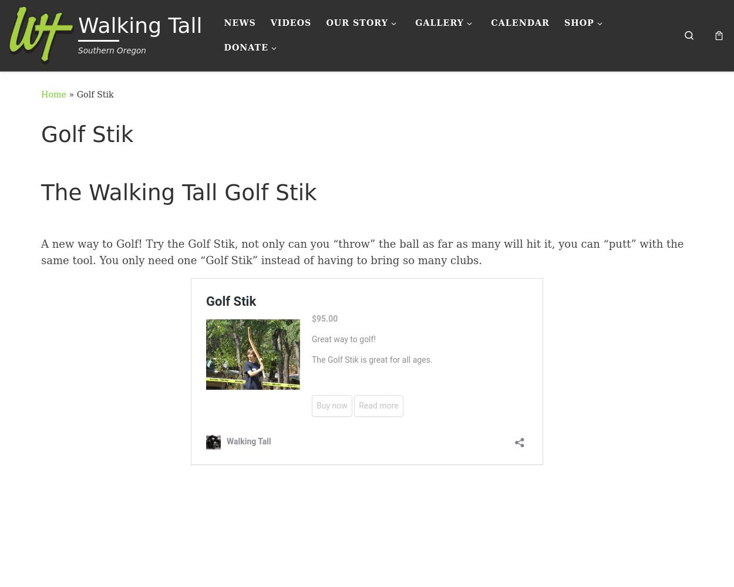 This screenshot has width=734, height=587. I want to click on 'Needs', so click(254, 60).